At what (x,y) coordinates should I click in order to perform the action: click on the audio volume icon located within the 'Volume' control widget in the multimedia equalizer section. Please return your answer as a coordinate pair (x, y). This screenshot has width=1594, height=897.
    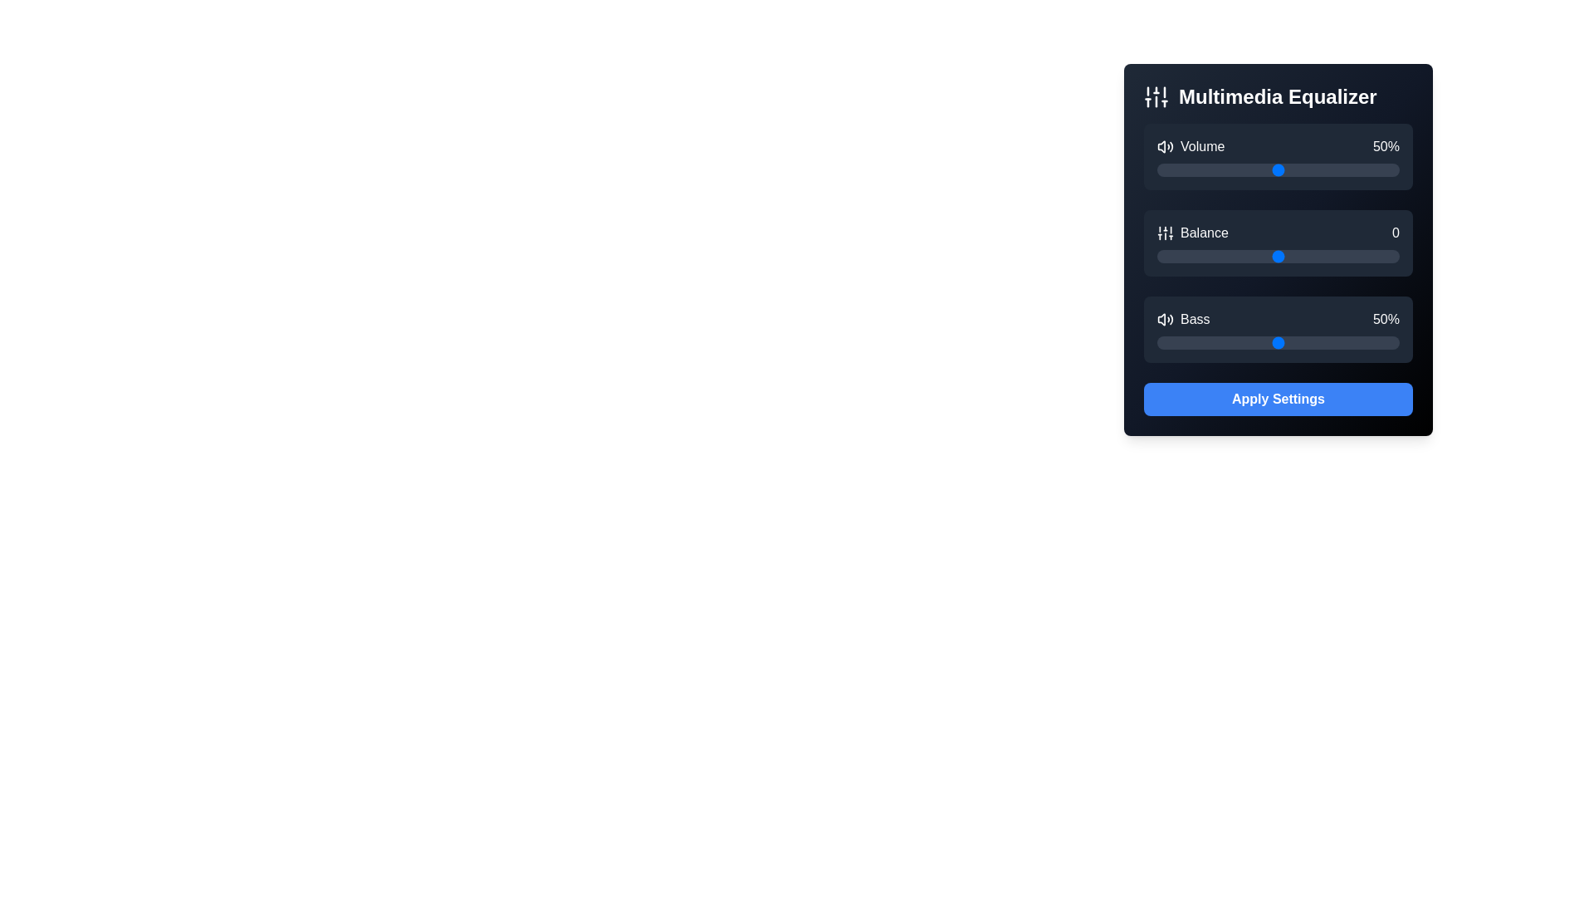
    Looking at the image, I should click on (1161, 146).